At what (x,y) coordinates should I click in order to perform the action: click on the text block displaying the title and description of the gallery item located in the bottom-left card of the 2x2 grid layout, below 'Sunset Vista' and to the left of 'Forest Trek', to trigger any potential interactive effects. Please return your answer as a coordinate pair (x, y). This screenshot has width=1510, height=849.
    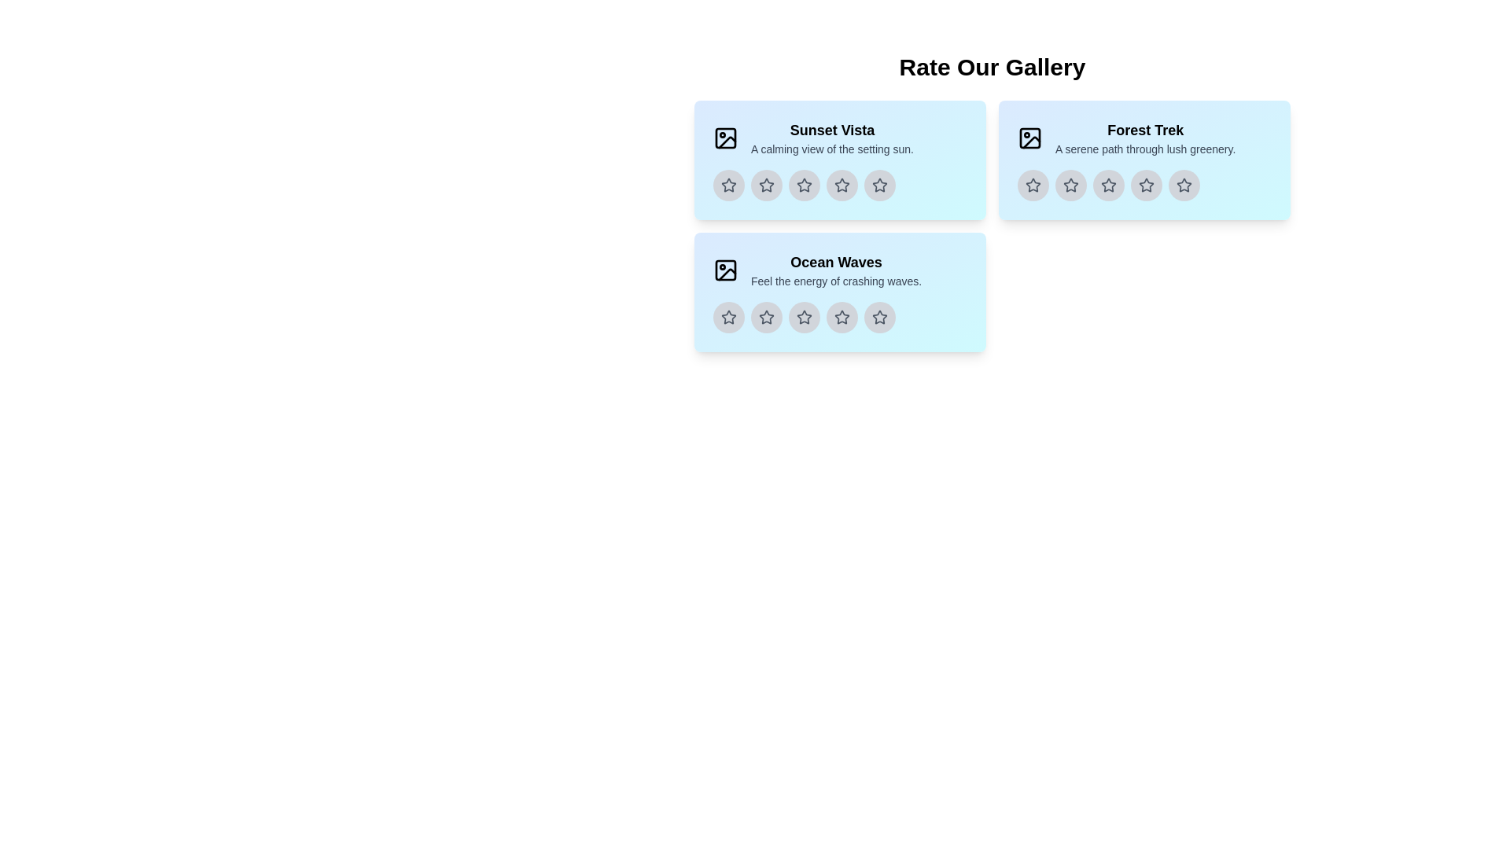
    Looking at the image, I should click on (835, 269).